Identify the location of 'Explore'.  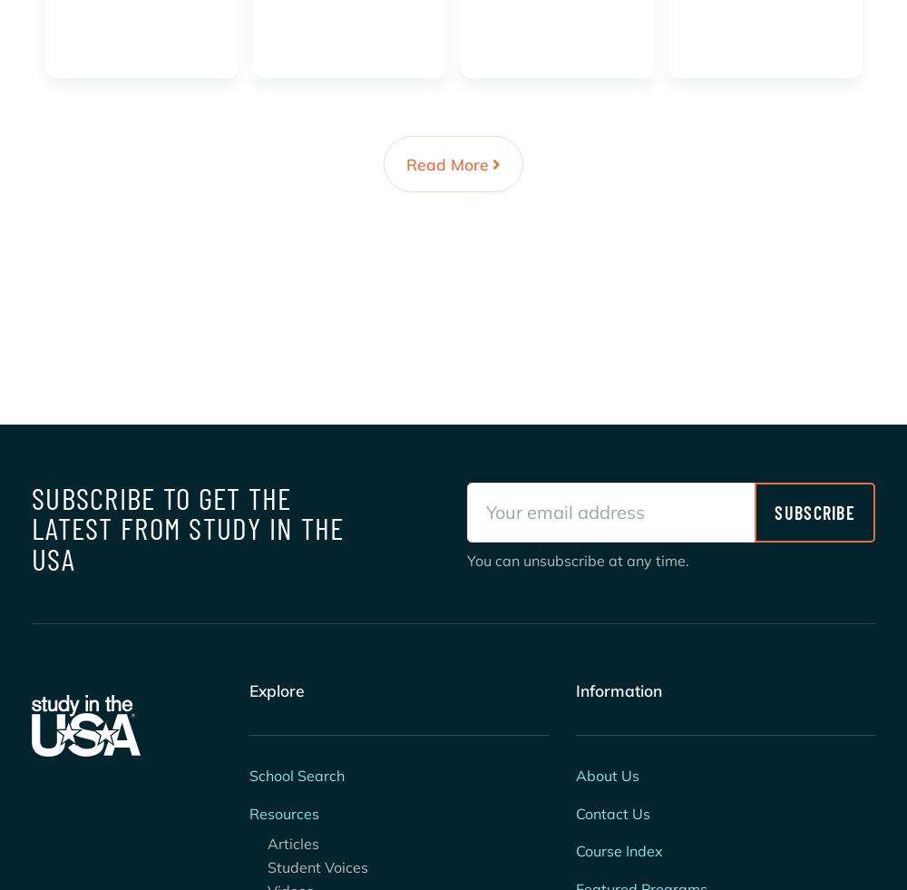
(277, 690).